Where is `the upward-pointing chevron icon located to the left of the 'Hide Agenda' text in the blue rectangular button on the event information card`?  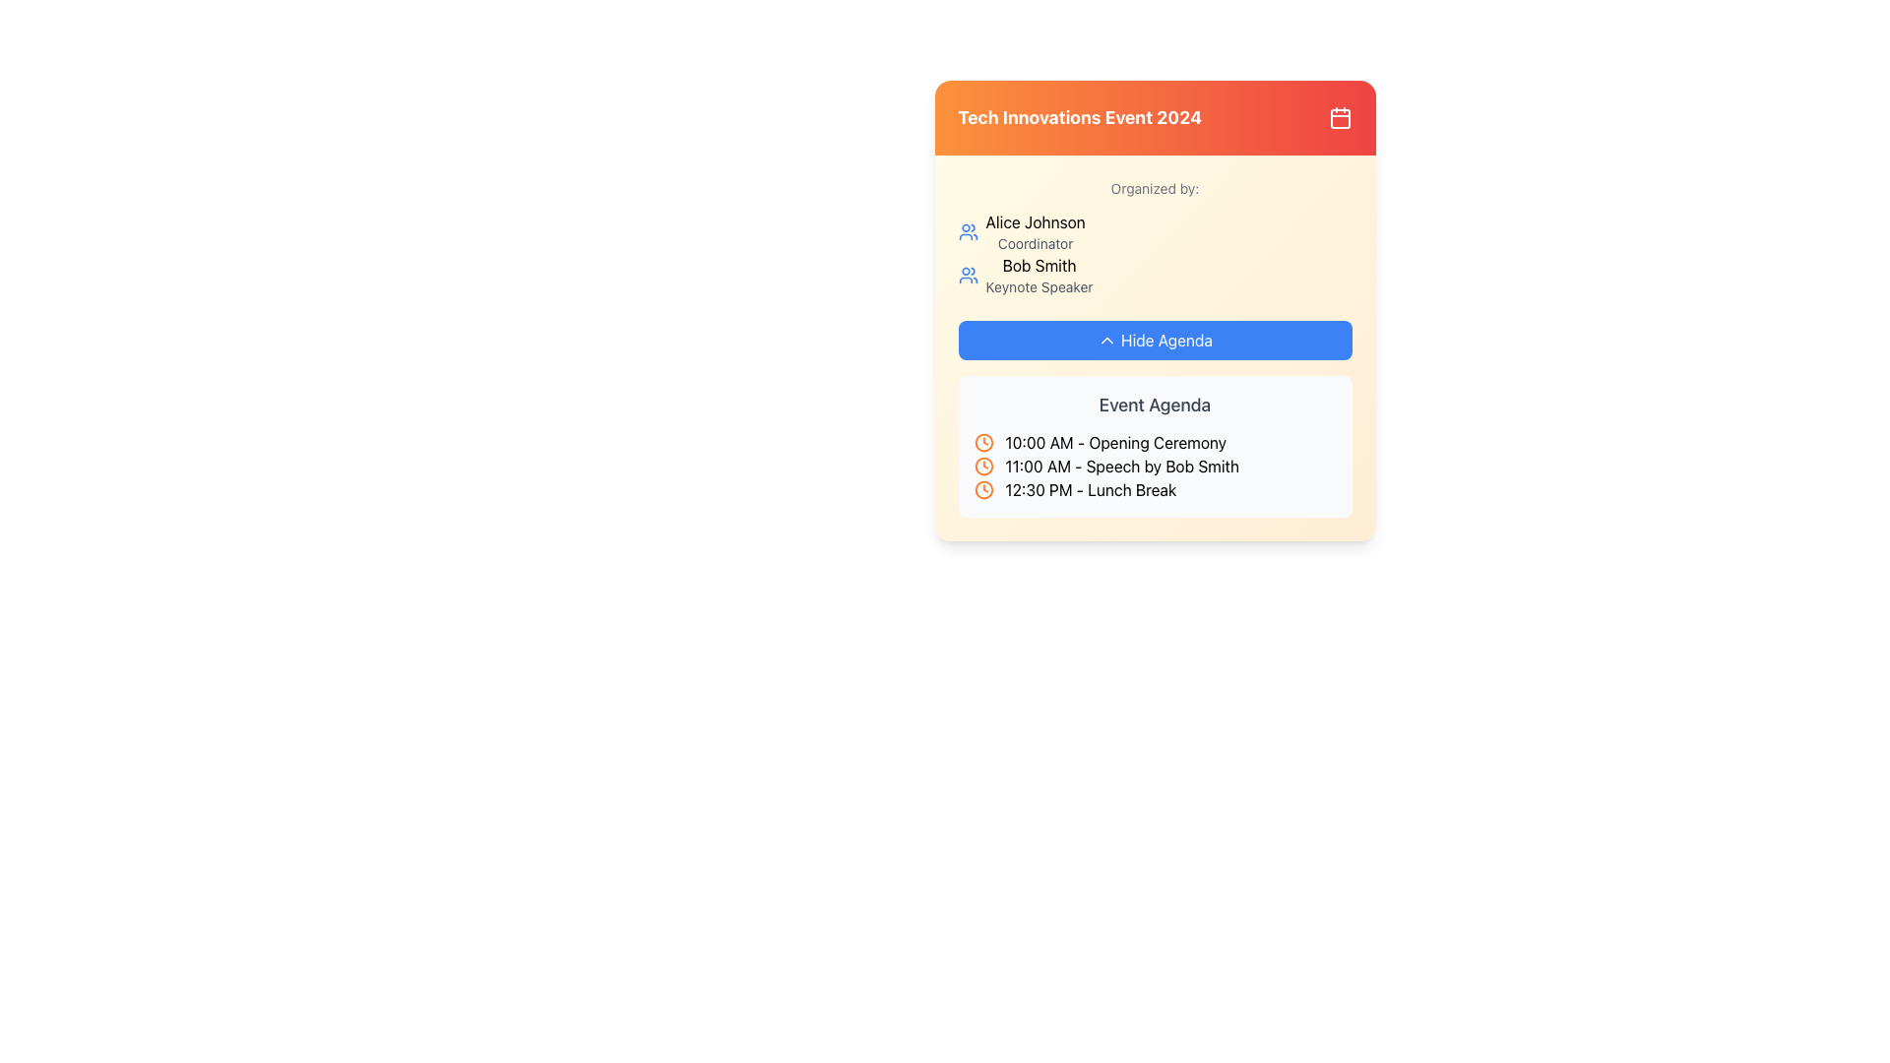 the upward-pointing chevron icon located to the left of the 'Hide Agenda' text in the blue rectangular button on the event information card is located at coordinates (1106, 340).